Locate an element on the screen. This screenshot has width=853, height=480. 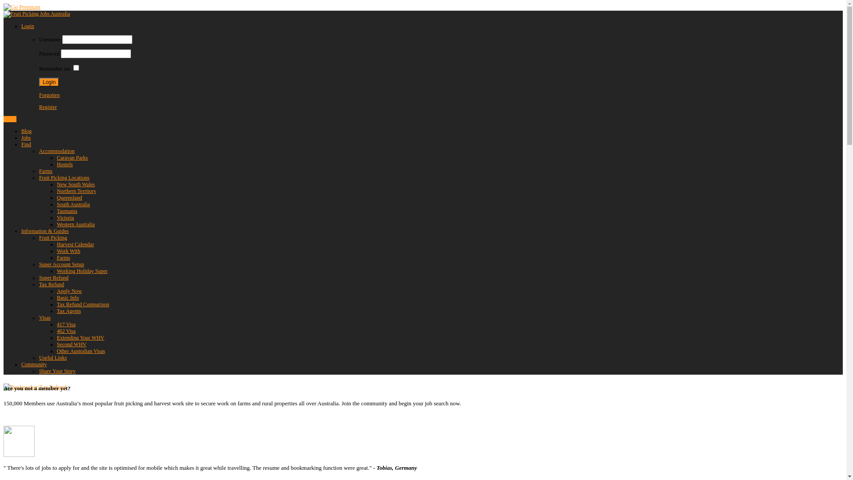
'Login' is located at coordinates (21, 25).